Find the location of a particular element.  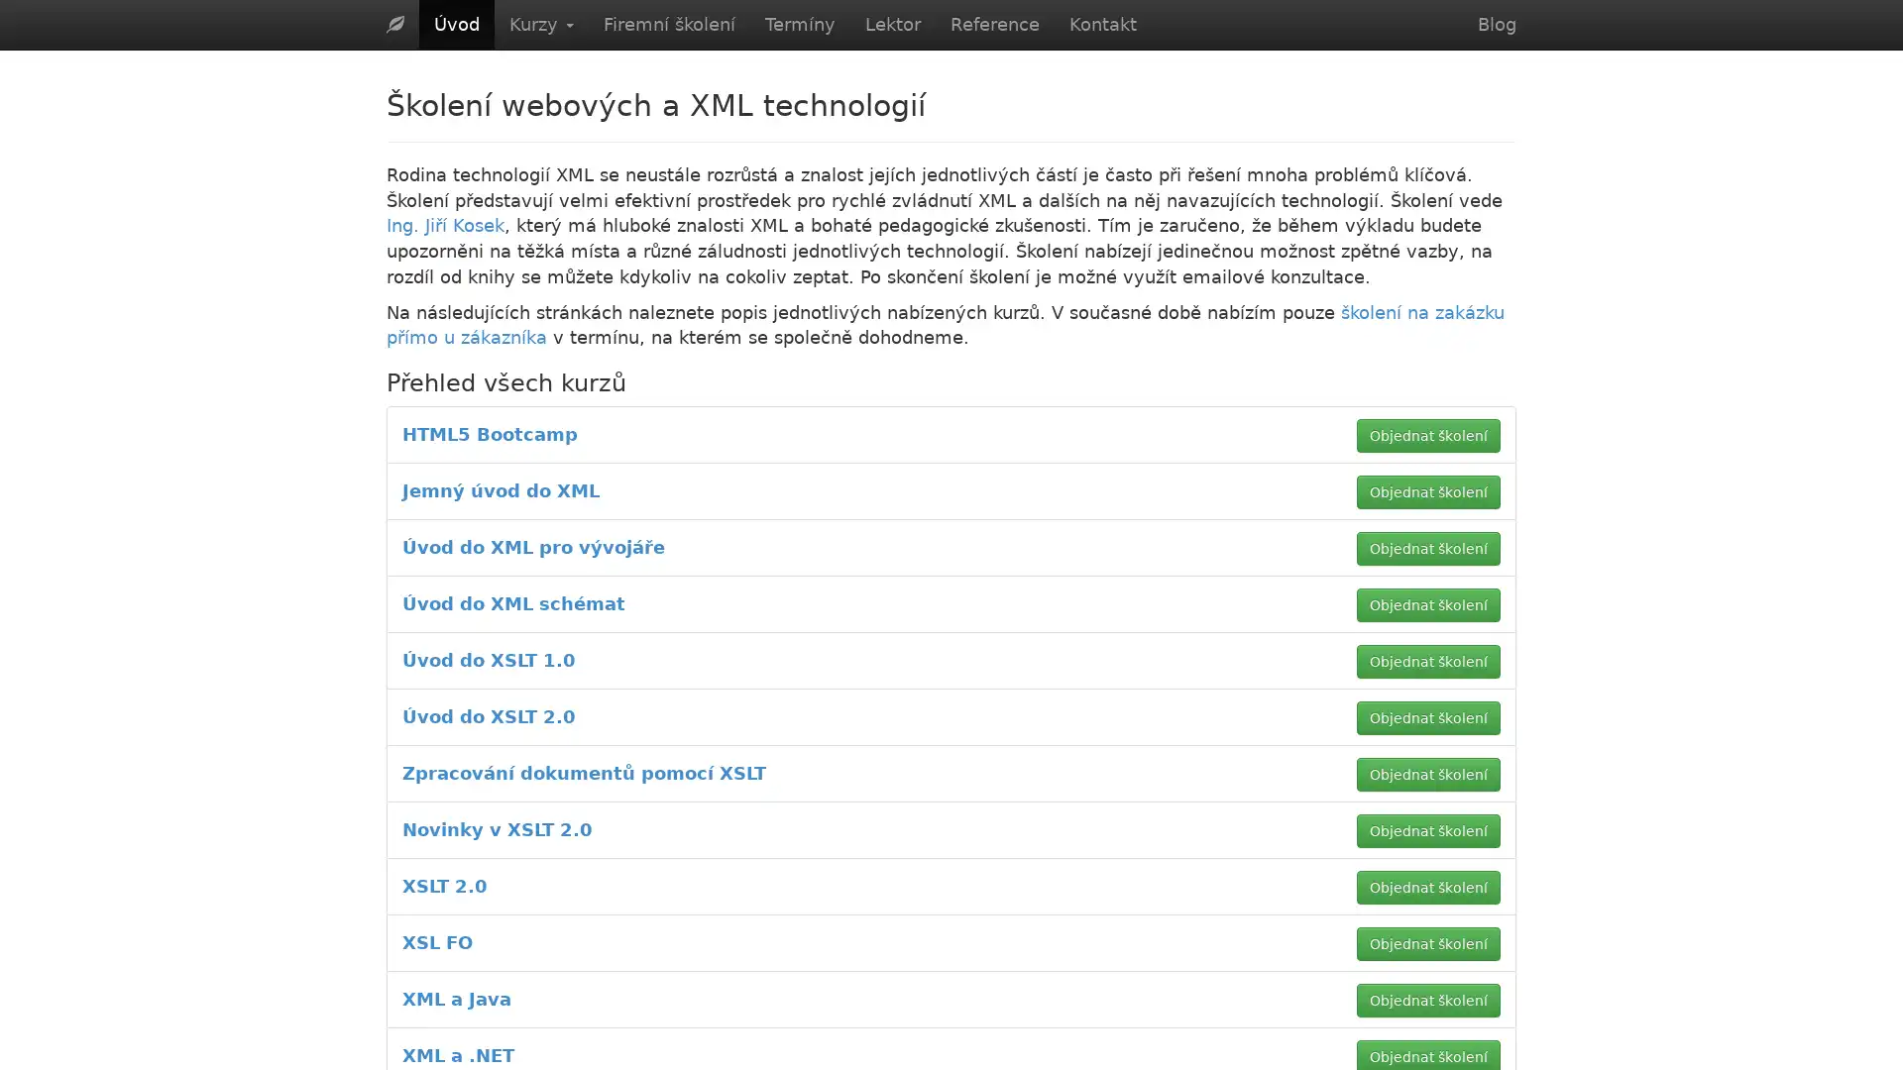

Objednat skoleni is located at coordinates (1428, 774).